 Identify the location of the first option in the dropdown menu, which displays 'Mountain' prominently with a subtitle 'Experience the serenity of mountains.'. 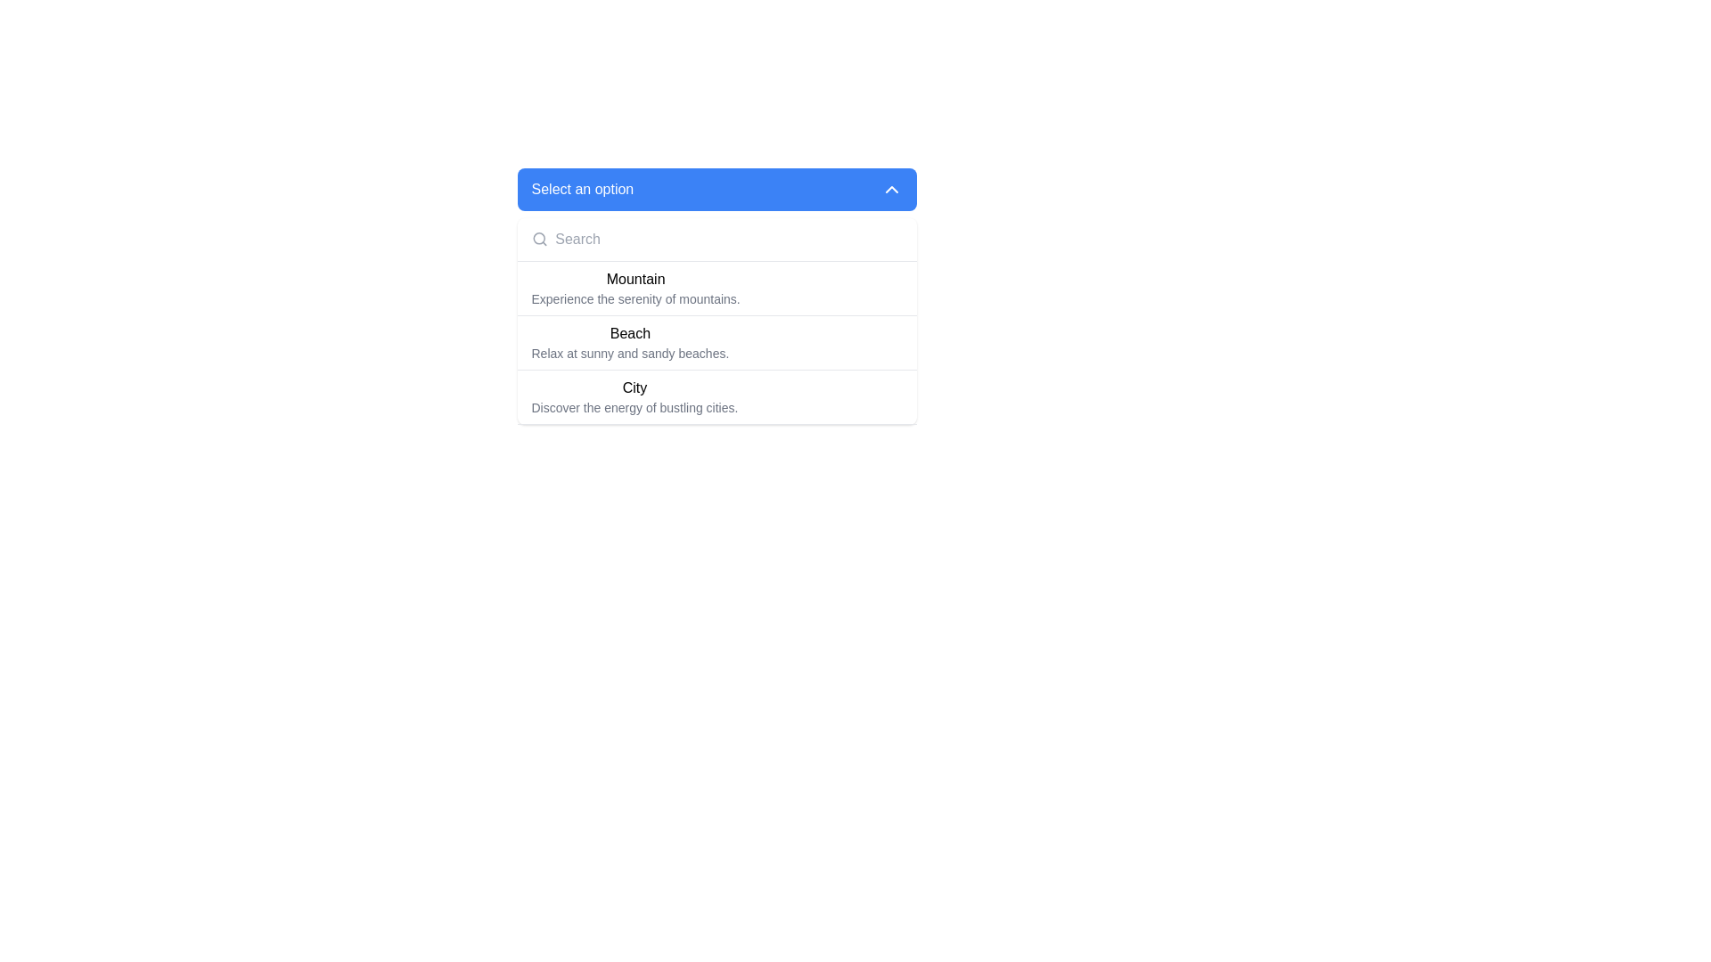
(635, 288).